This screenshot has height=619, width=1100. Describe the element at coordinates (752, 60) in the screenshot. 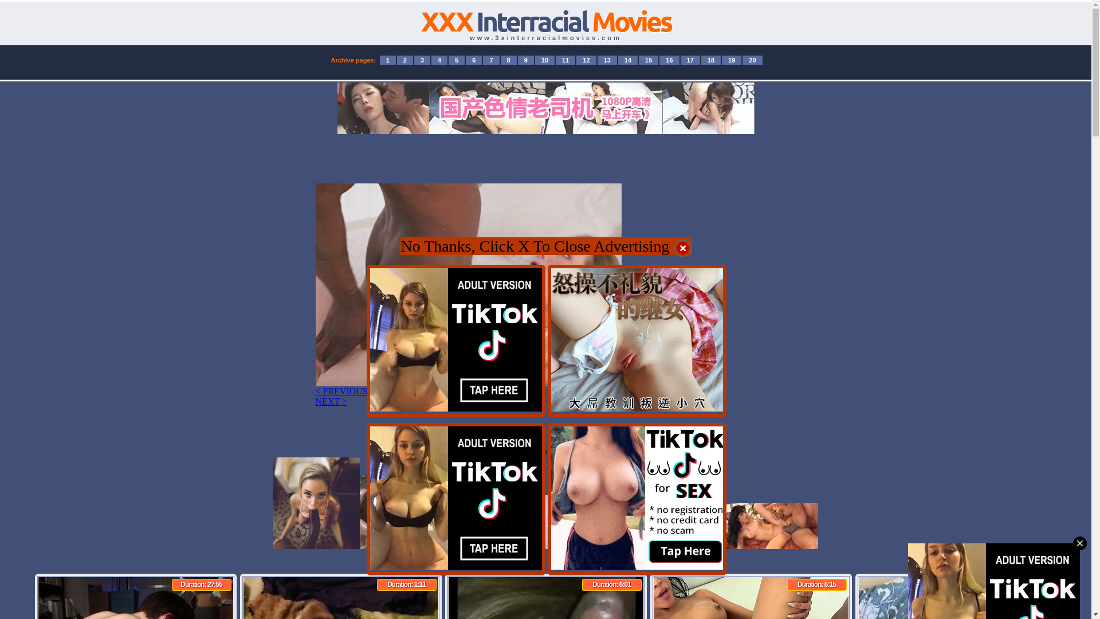

I see `'20'` at that location.